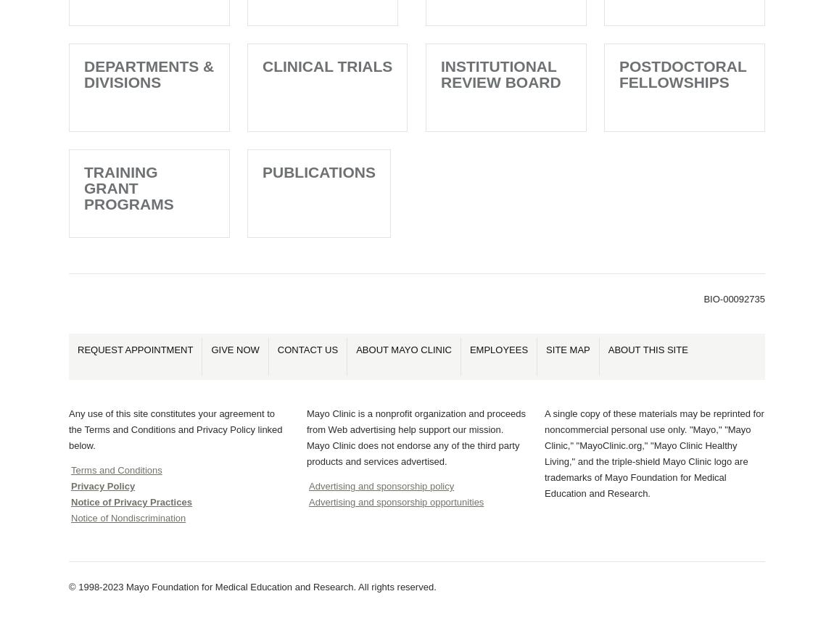 This screenshot has width=834, height=644. I want to click on 'Give Now', so click(234, 350).